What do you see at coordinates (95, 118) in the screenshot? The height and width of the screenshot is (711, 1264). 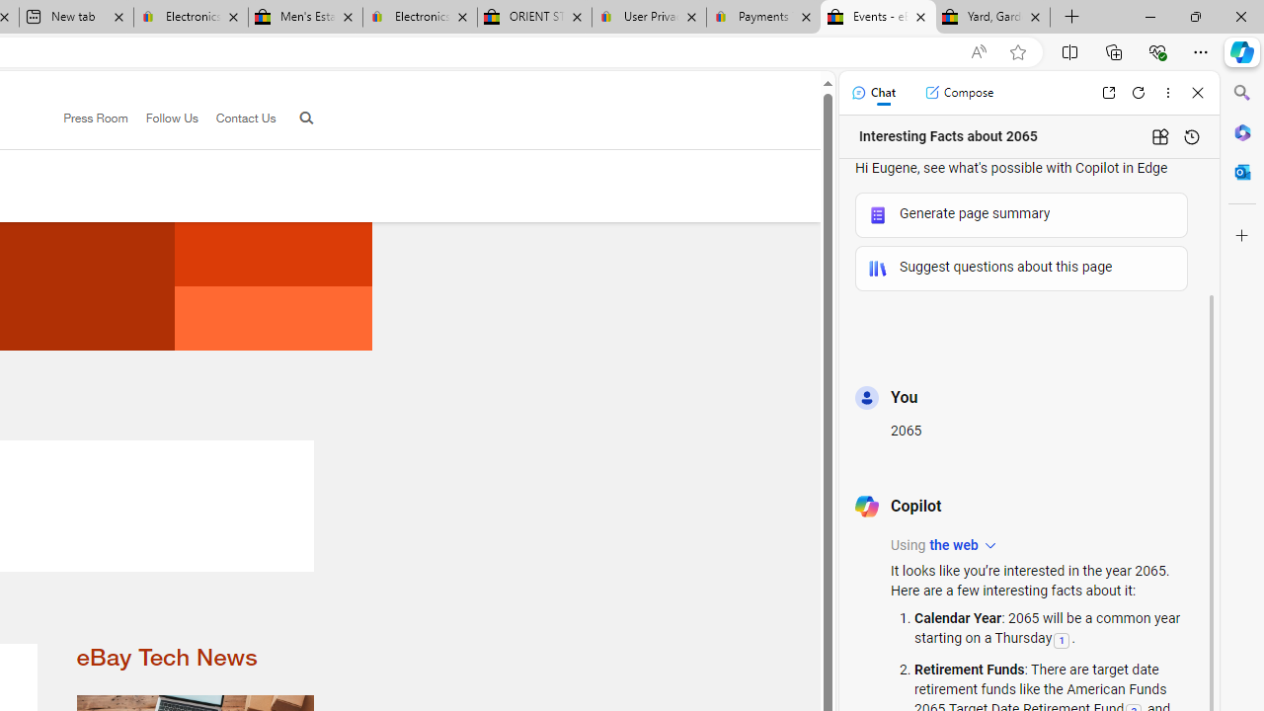 I see `'Press Room'` at bounding box center [95, 118].